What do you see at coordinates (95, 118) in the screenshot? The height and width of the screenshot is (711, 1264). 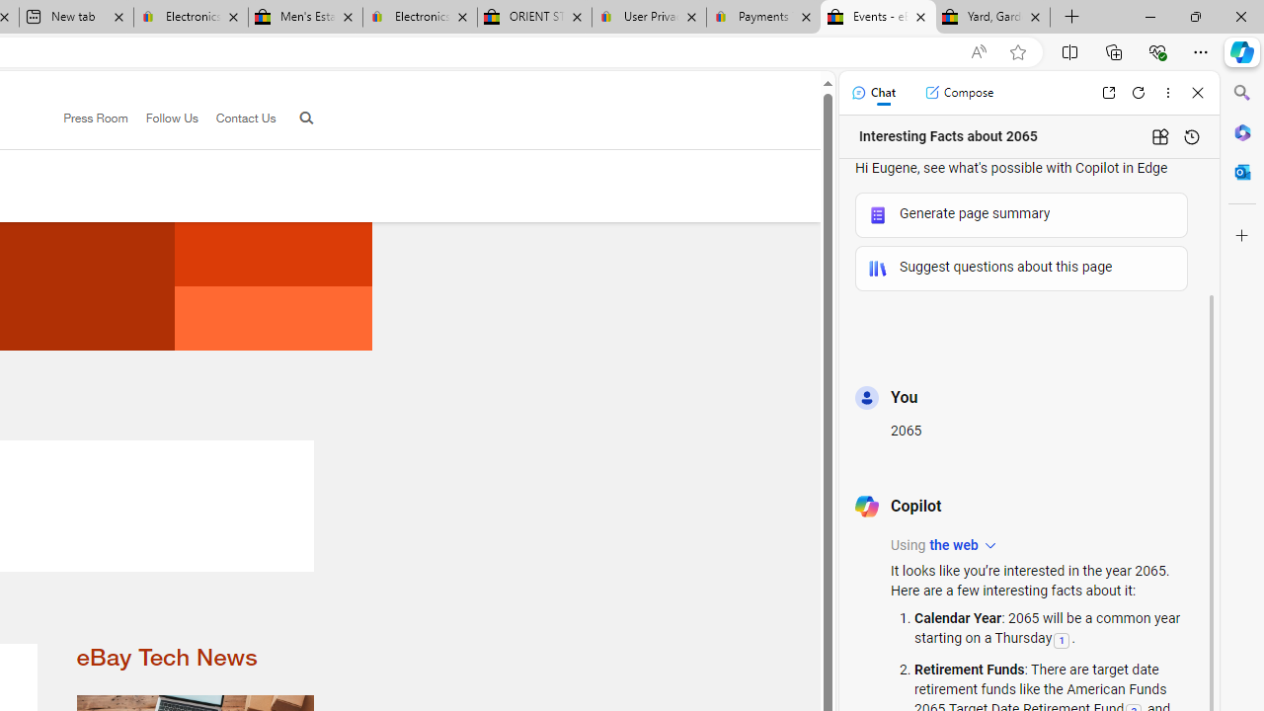 I see `'Press Room'` at bounding box center [95, 118].